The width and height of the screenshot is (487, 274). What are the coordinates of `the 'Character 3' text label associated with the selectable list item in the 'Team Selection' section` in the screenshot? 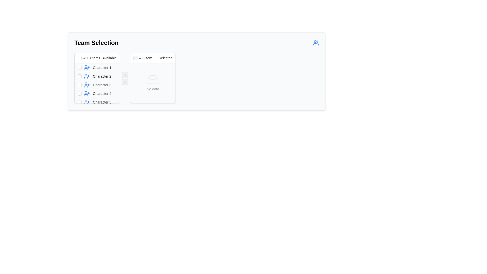 It's located at (100, 85).